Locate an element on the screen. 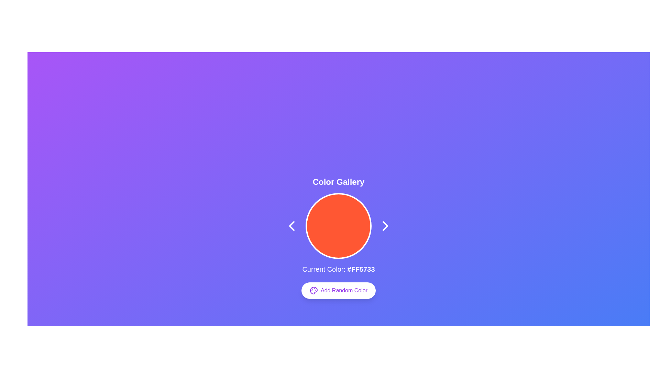  the 'Add Random Color' button, which is styled with a white background, purple text, and an icon resembling a palette, located beneath the 'Current Color: #FF5733' text and the large colored circle in the 'Color Gallery' section is located at coordinates (338, 290).